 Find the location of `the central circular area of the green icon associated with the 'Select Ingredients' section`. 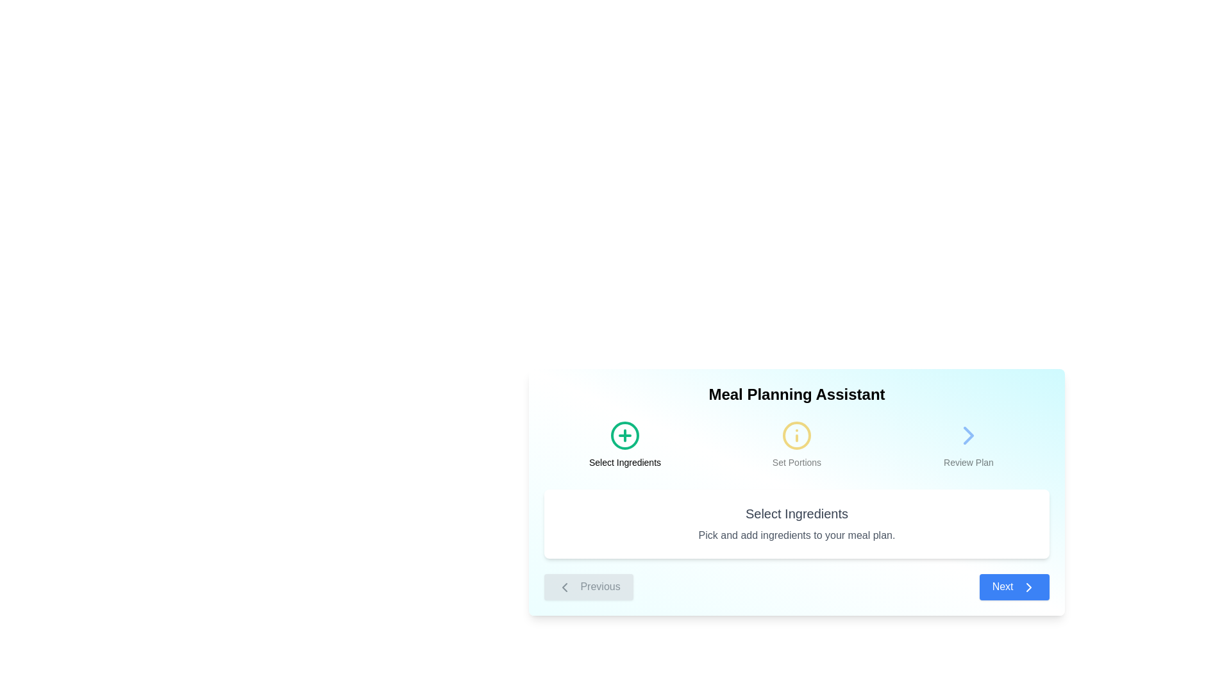

the central circular area of the green icon associated with the 'Select Ingredients' section is located at coordinates (624, 434).